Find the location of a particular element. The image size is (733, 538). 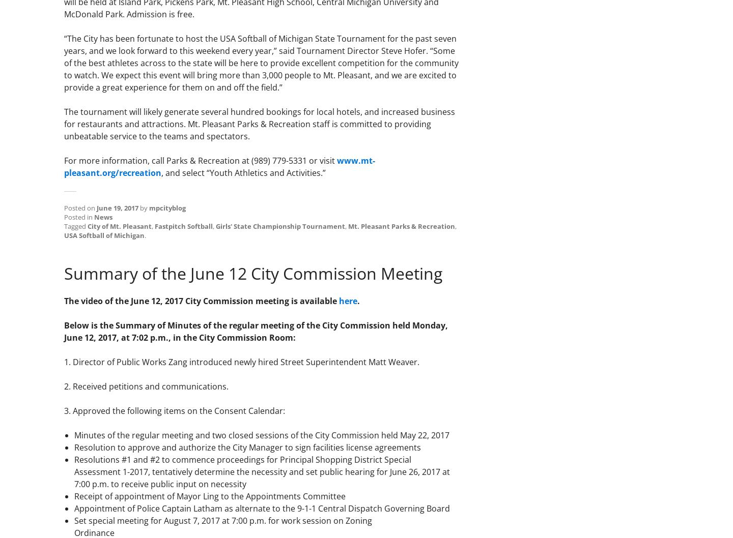

'Posted in' is located at coordinates (78, 216).